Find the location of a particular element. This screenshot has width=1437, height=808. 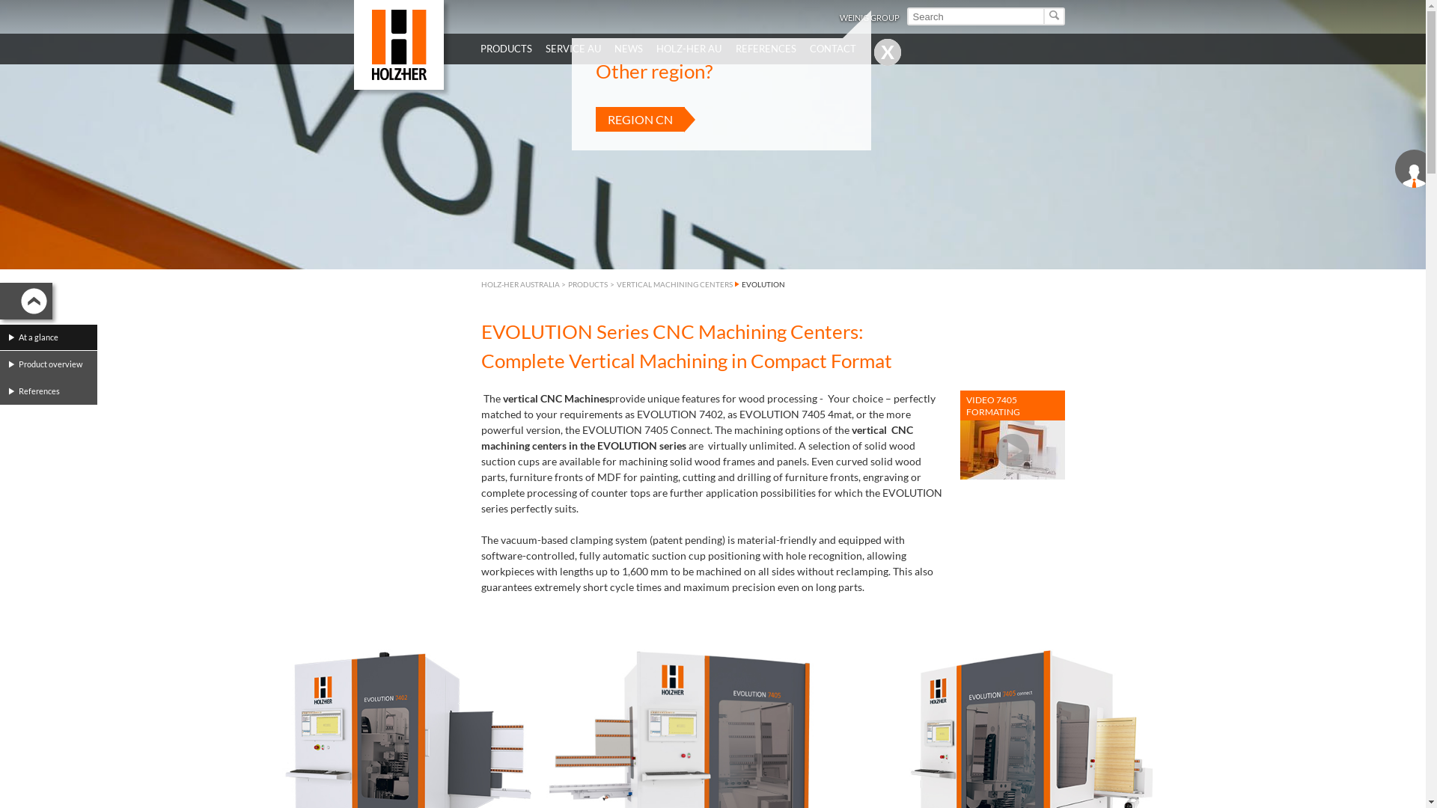

'VIDEO 7405 FORMATING' is located at coordinates (959, 435).